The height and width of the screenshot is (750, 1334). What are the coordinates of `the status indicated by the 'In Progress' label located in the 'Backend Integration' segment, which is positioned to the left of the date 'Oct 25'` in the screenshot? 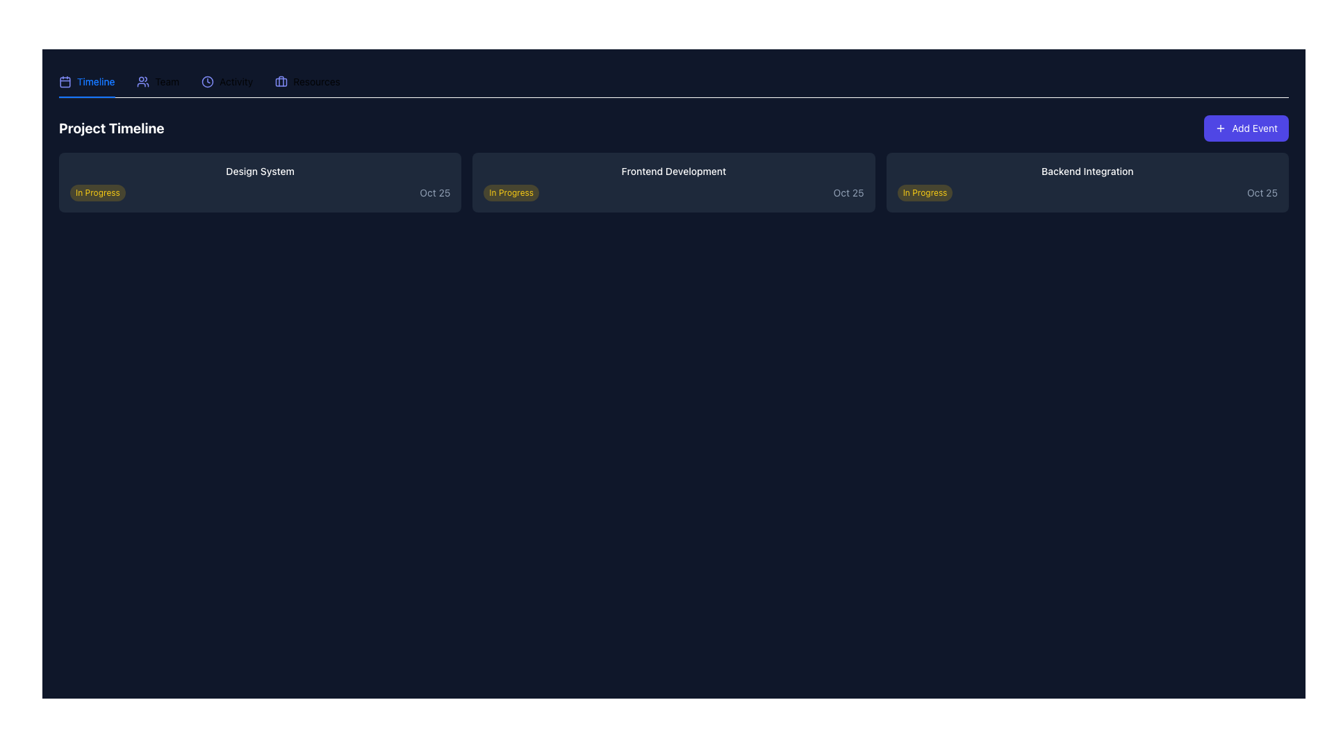 It's located at (925, 192).